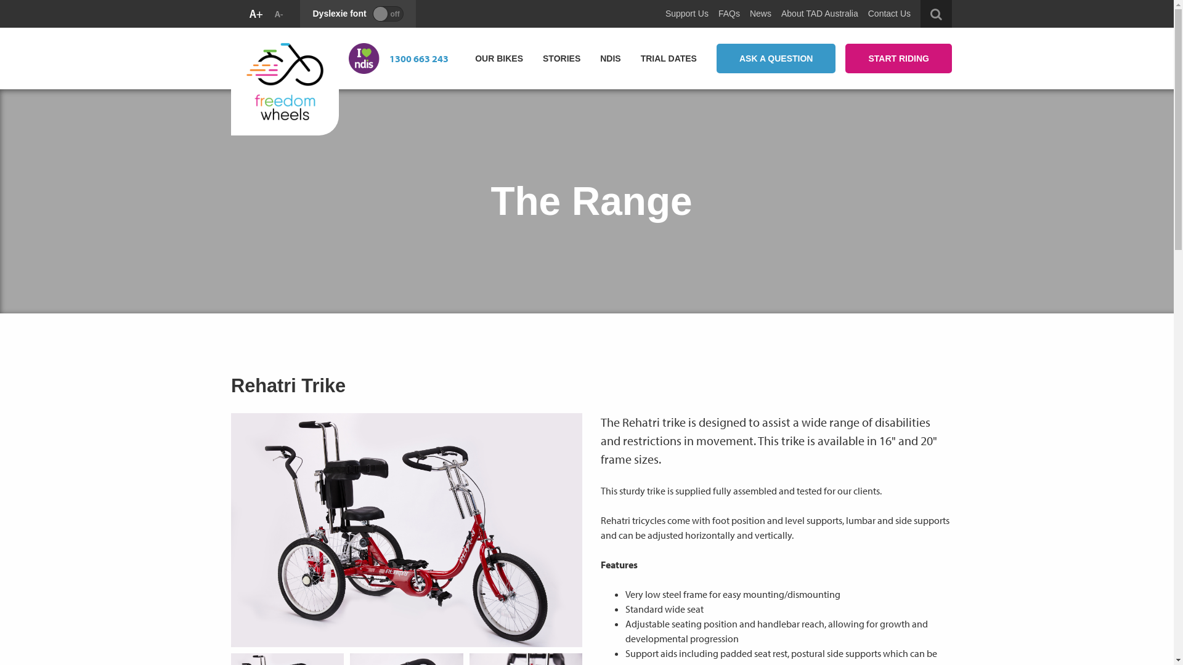 This screenshot has width=1183, height=665. What do you see at coordinates (561, 58) in the screenshot?
I see `'STORIES'` at bounding box center [561, 58].